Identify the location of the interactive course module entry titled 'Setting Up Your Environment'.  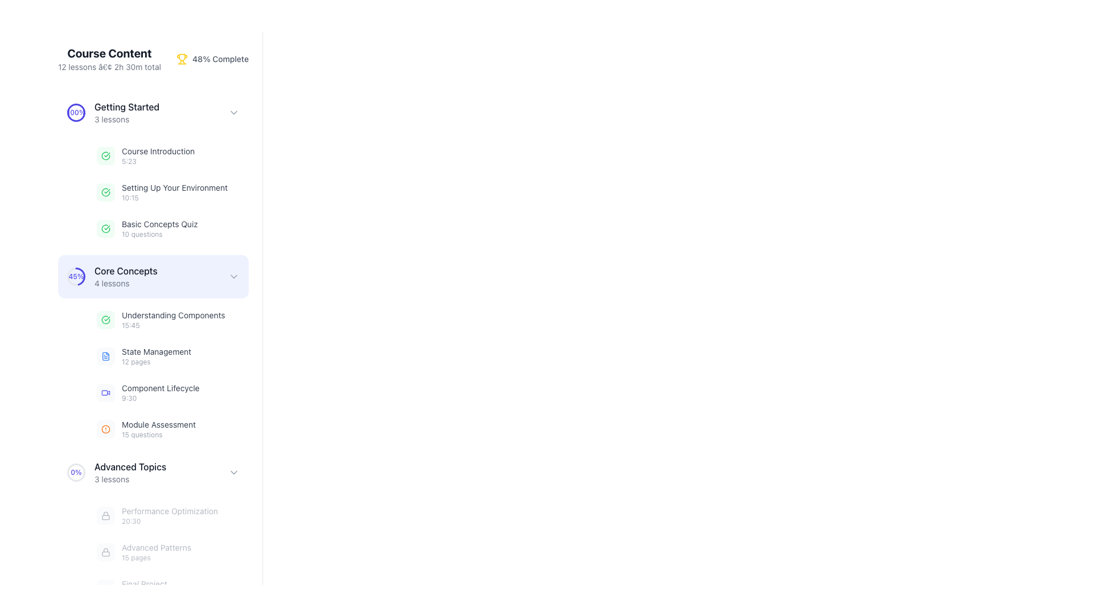
(169, 192).